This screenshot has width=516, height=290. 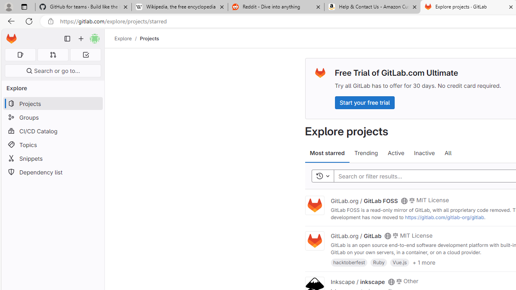 What do you see at coordinates (366, 153) in the screenshot?
I see `'Trending'` at bounding box center [366, 153].